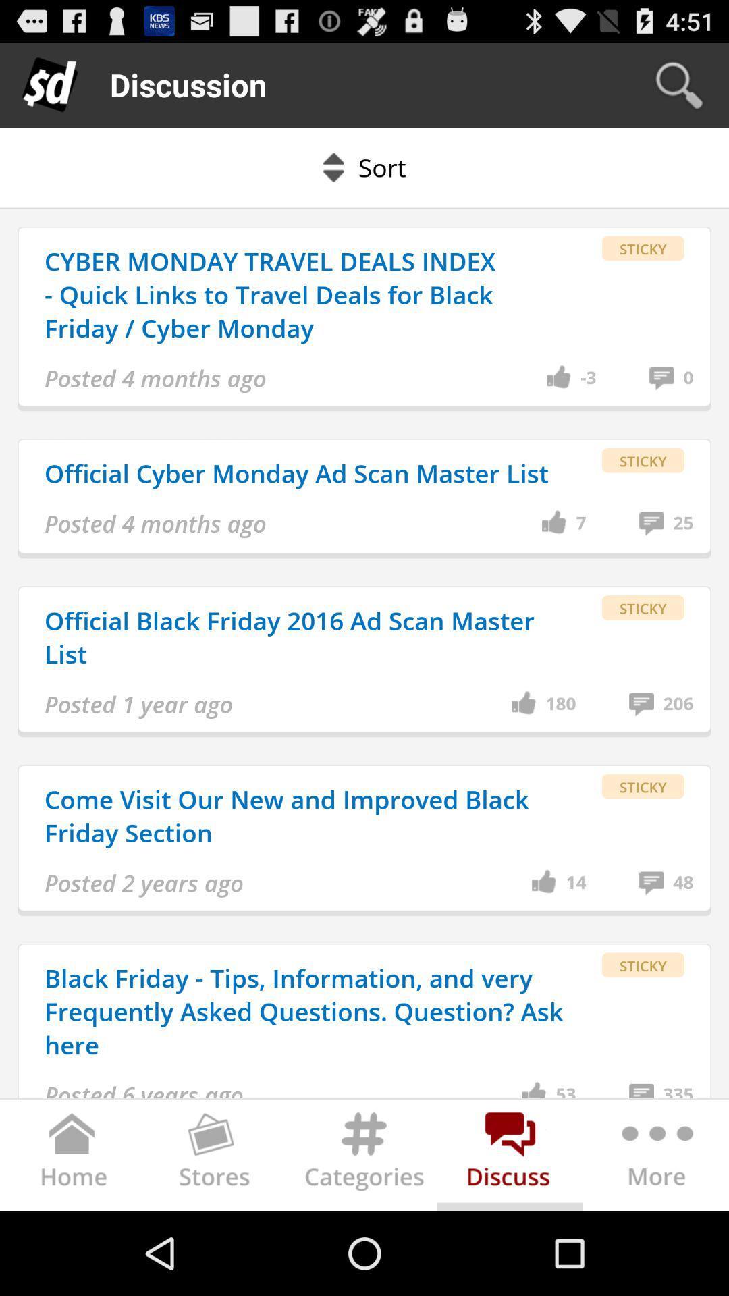 The image size is (729, 1296). What do you see at coordinates (73, 1158) in the screenshot?
I see `home page` at bounding box center [73, 1158].